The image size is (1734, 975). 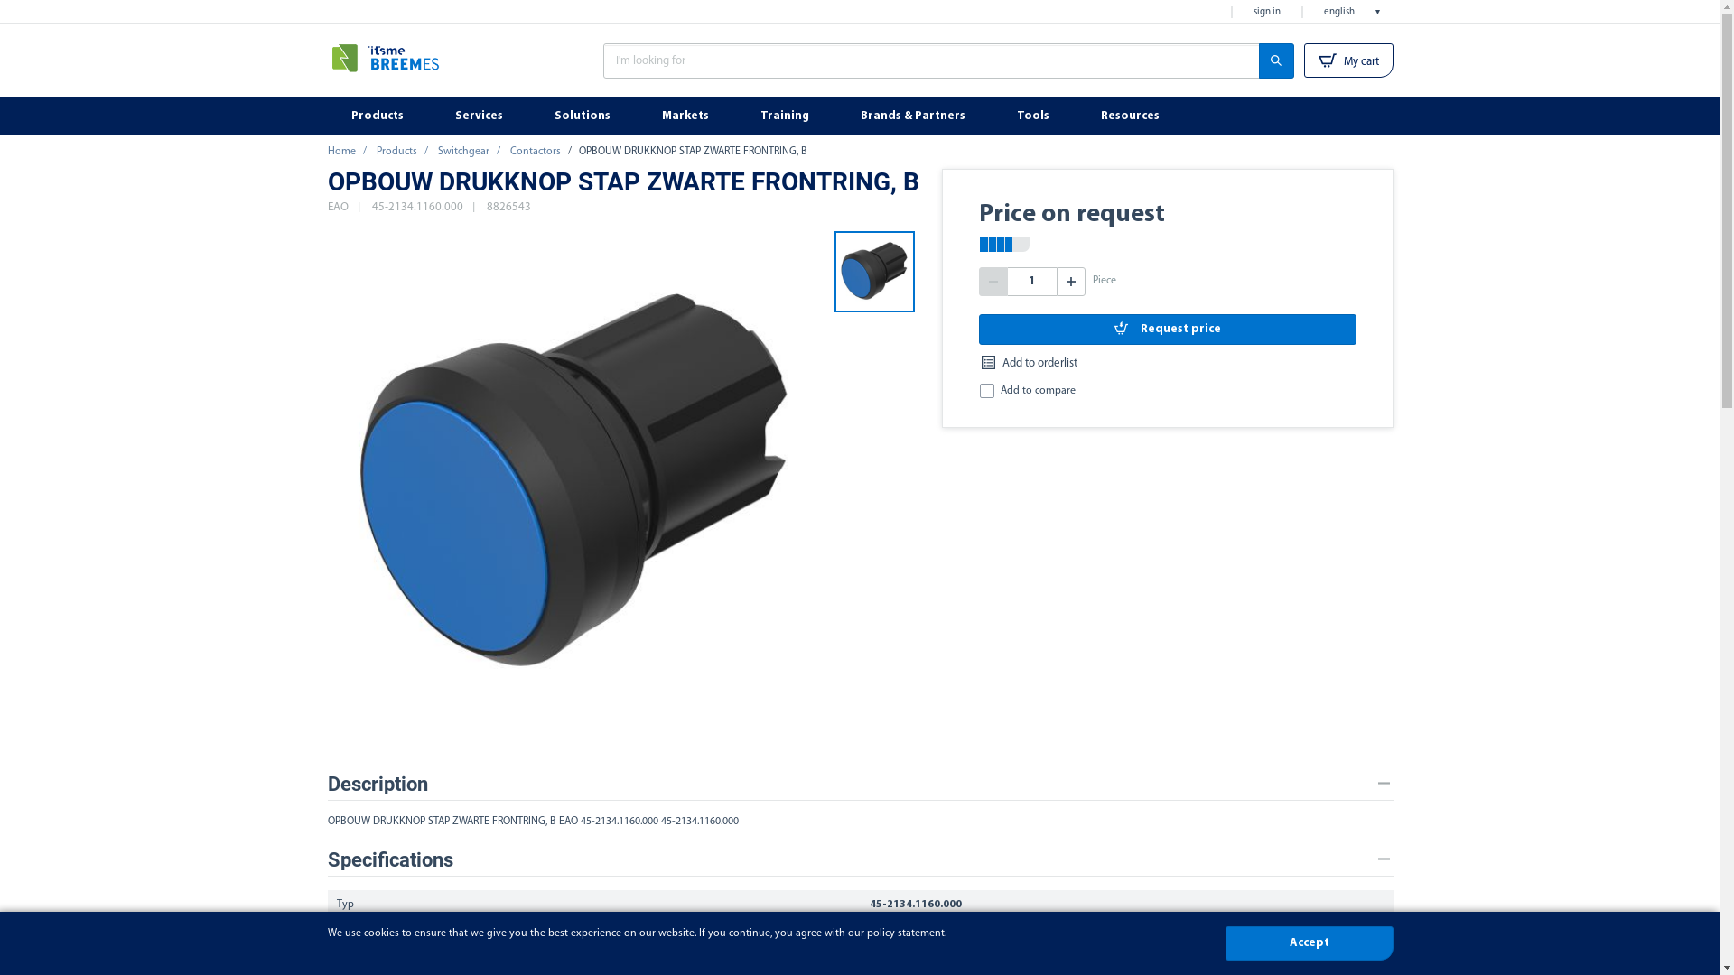 I want to click on 'Training', so click(x=787, y=115).